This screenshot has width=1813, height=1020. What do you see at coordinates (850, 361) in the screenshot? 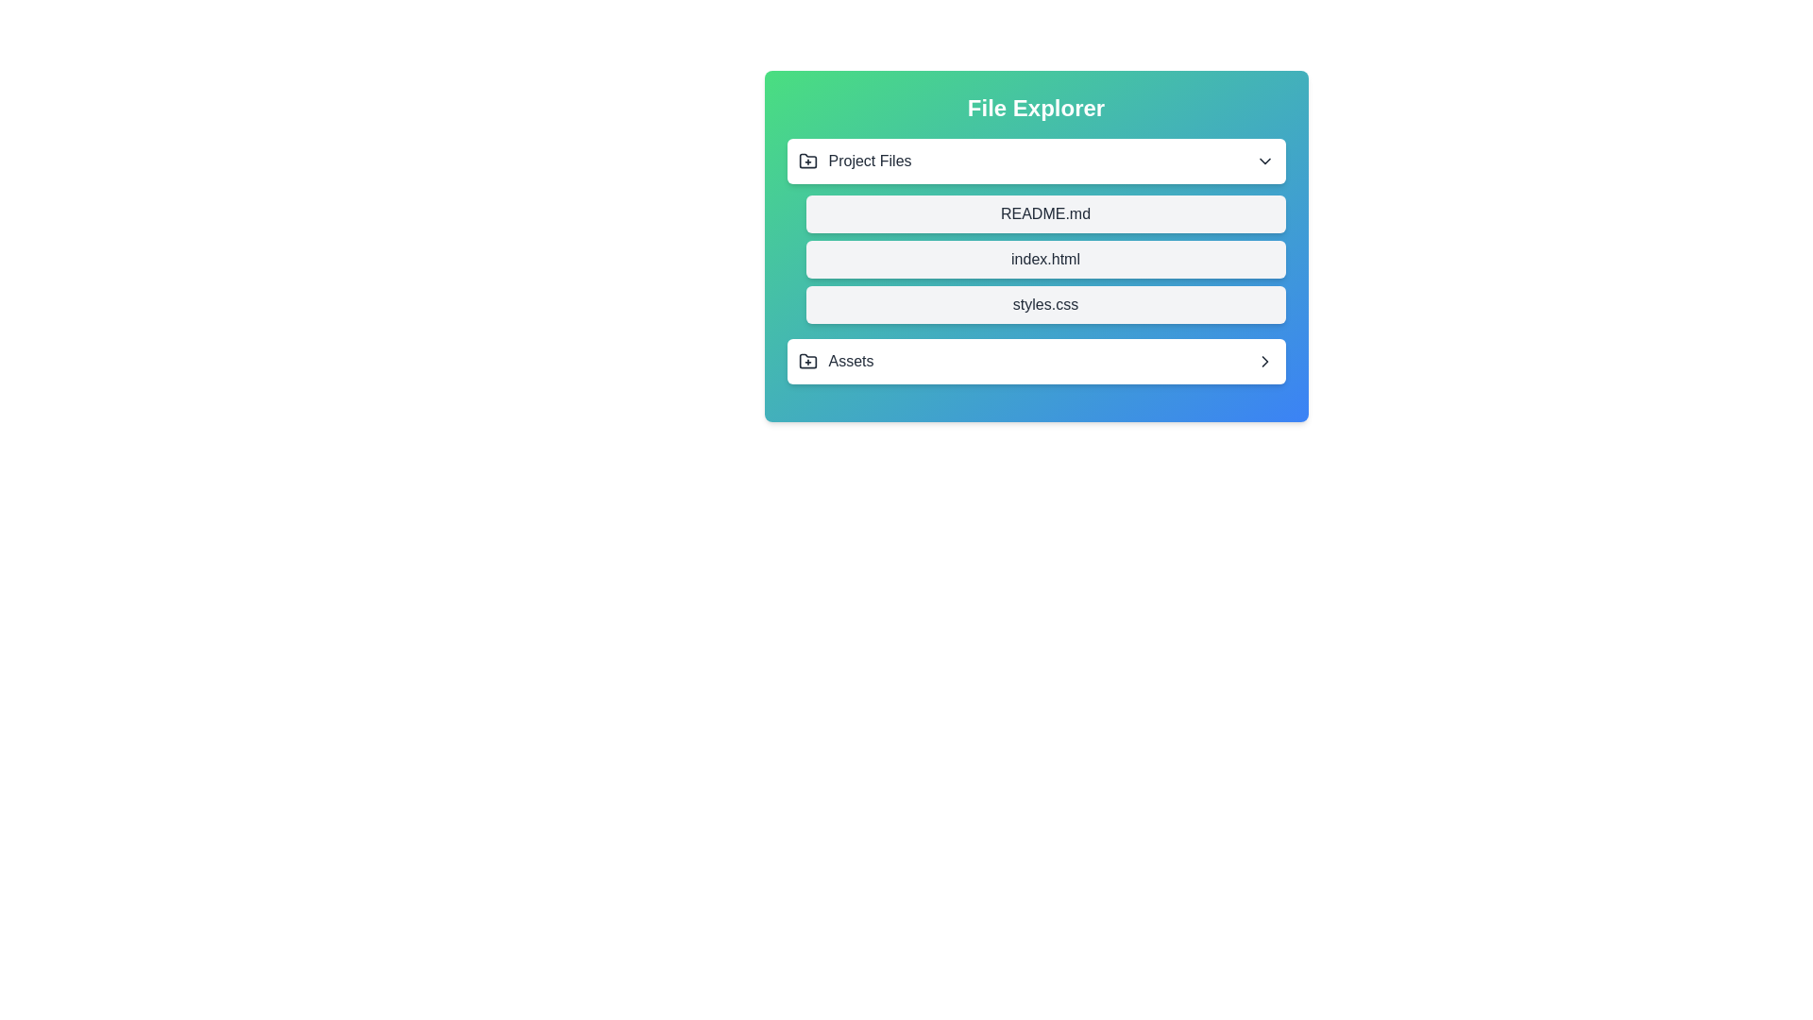
I see `the text label reading 'Assets' located in the bottom-most entry of the list within the 'File Explorer' box` at bounding box center [850, 361].